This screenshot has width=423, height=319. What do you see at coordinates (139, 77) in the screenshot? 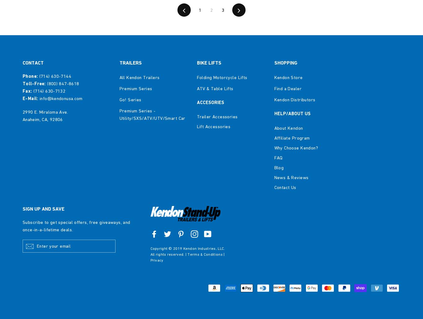
I see `'All Kendon Trailers'` at bounding box center [139, 77].